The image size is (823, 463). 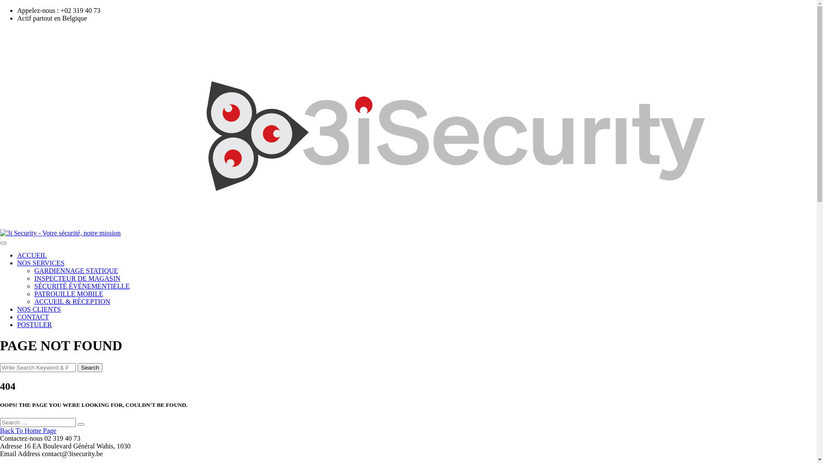 I want to click on 'Search', so click(x=90, y=367).